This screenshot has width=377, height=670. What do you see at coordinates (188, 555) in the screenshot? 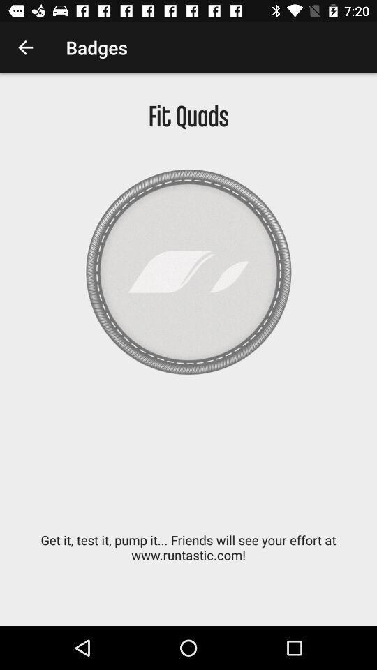
I see `get it test item` at bounding box center [188, 555].